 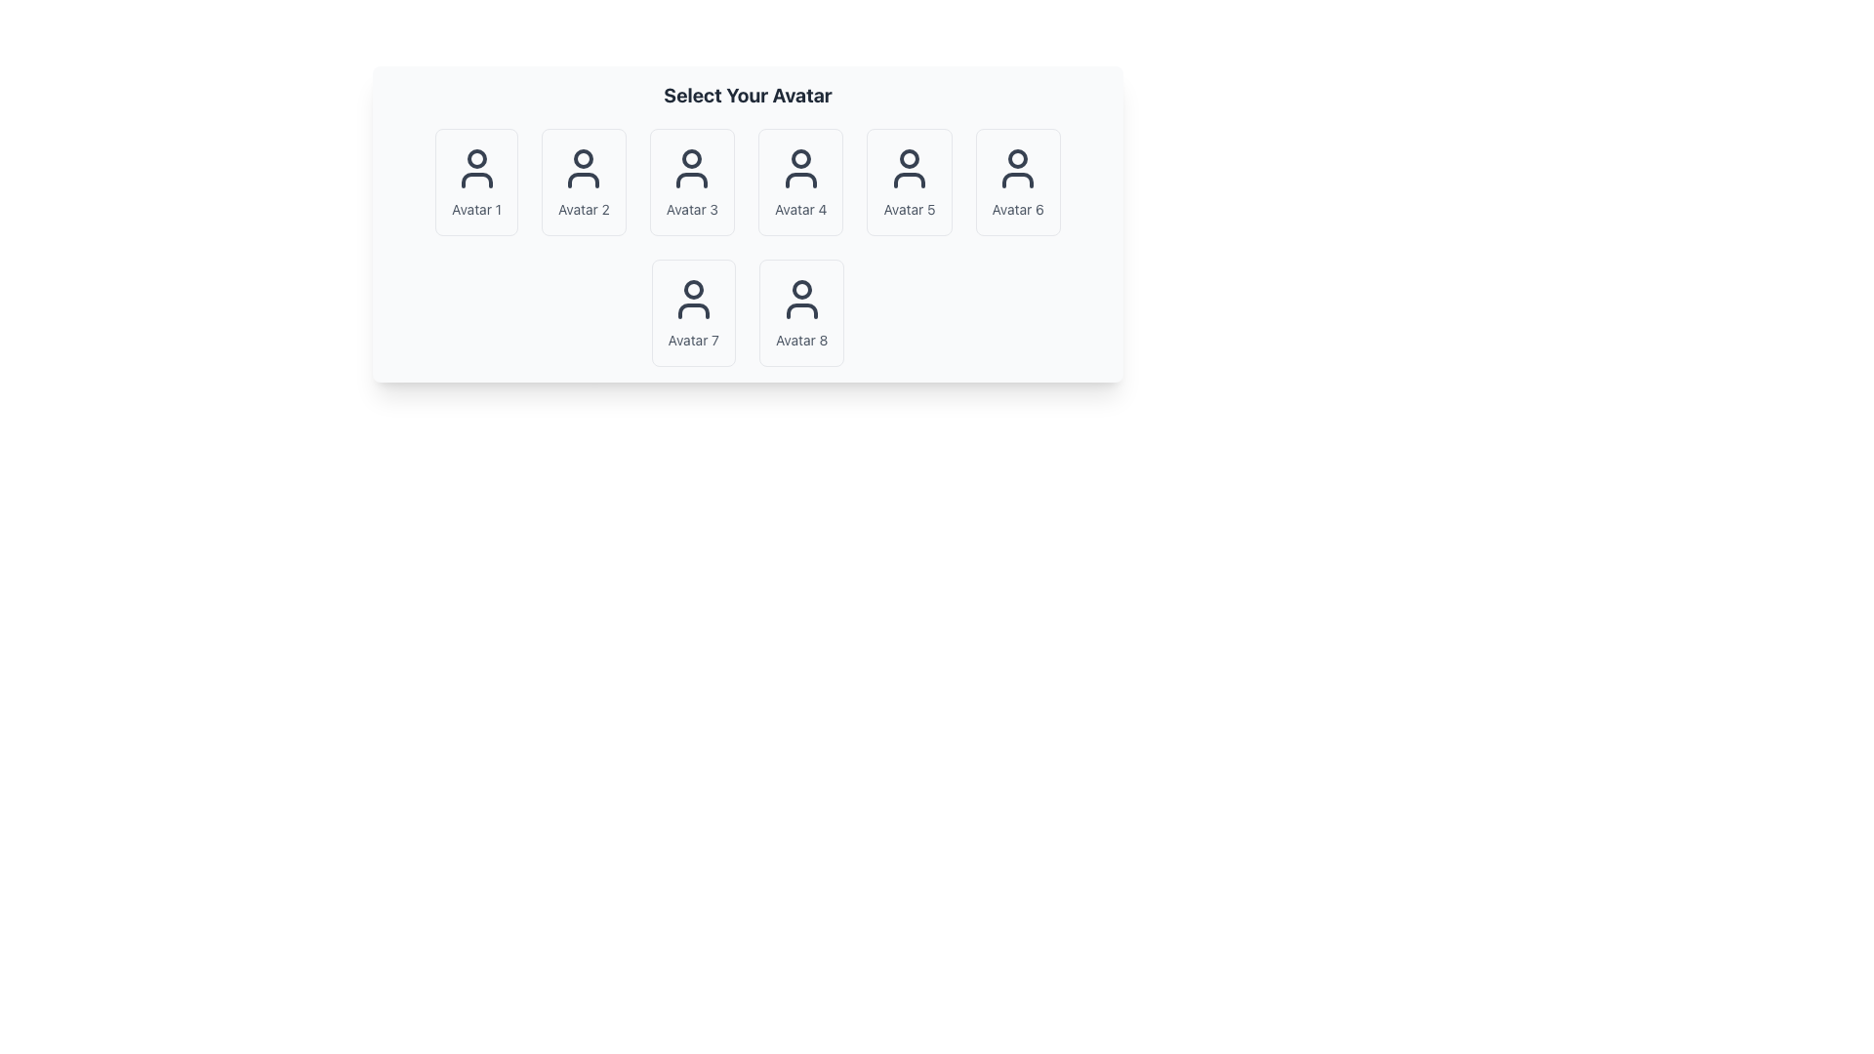 I want to click on text label 'Avatar 5' located at the bottom center of the fifth card in the top right region of the grid layout, so click(x=908, y=210).